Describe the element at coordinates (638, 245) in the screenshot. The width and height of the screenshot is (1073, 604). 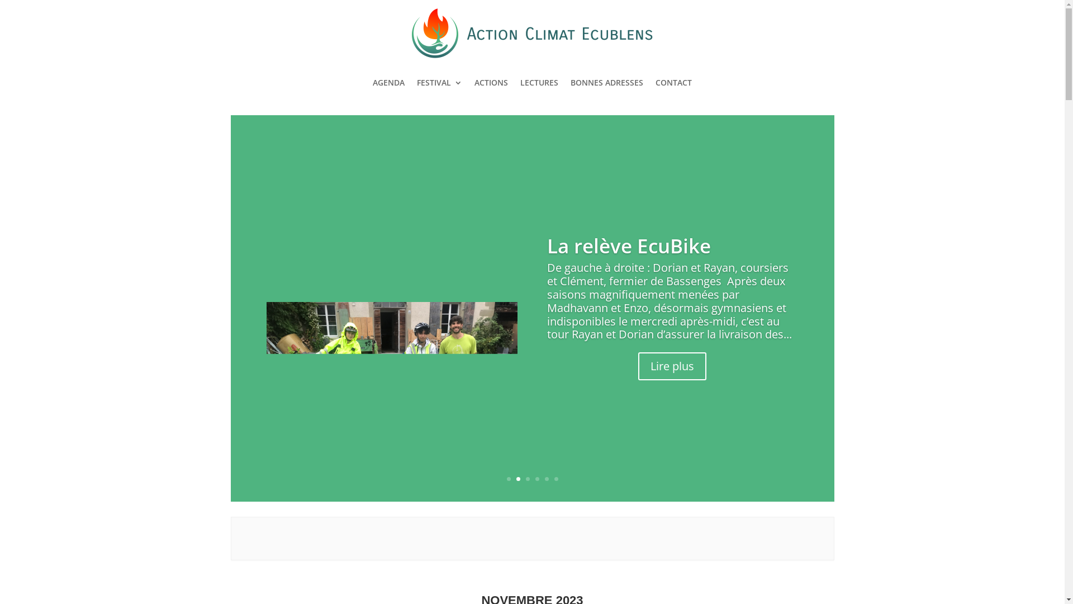
I see `'Une parade pour le Boulevard urbain'` at that location.